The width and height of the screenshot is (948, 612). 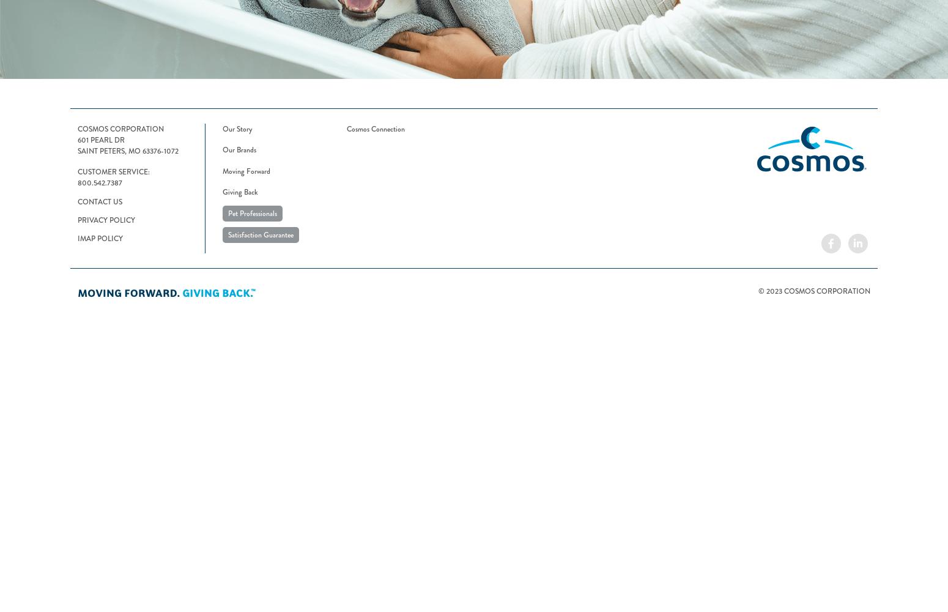 What do you see at coordinates (814, 290) in the screenshot?
I see `'© 2023 Cosmos Corporation'` at bounding box center [814, 290].